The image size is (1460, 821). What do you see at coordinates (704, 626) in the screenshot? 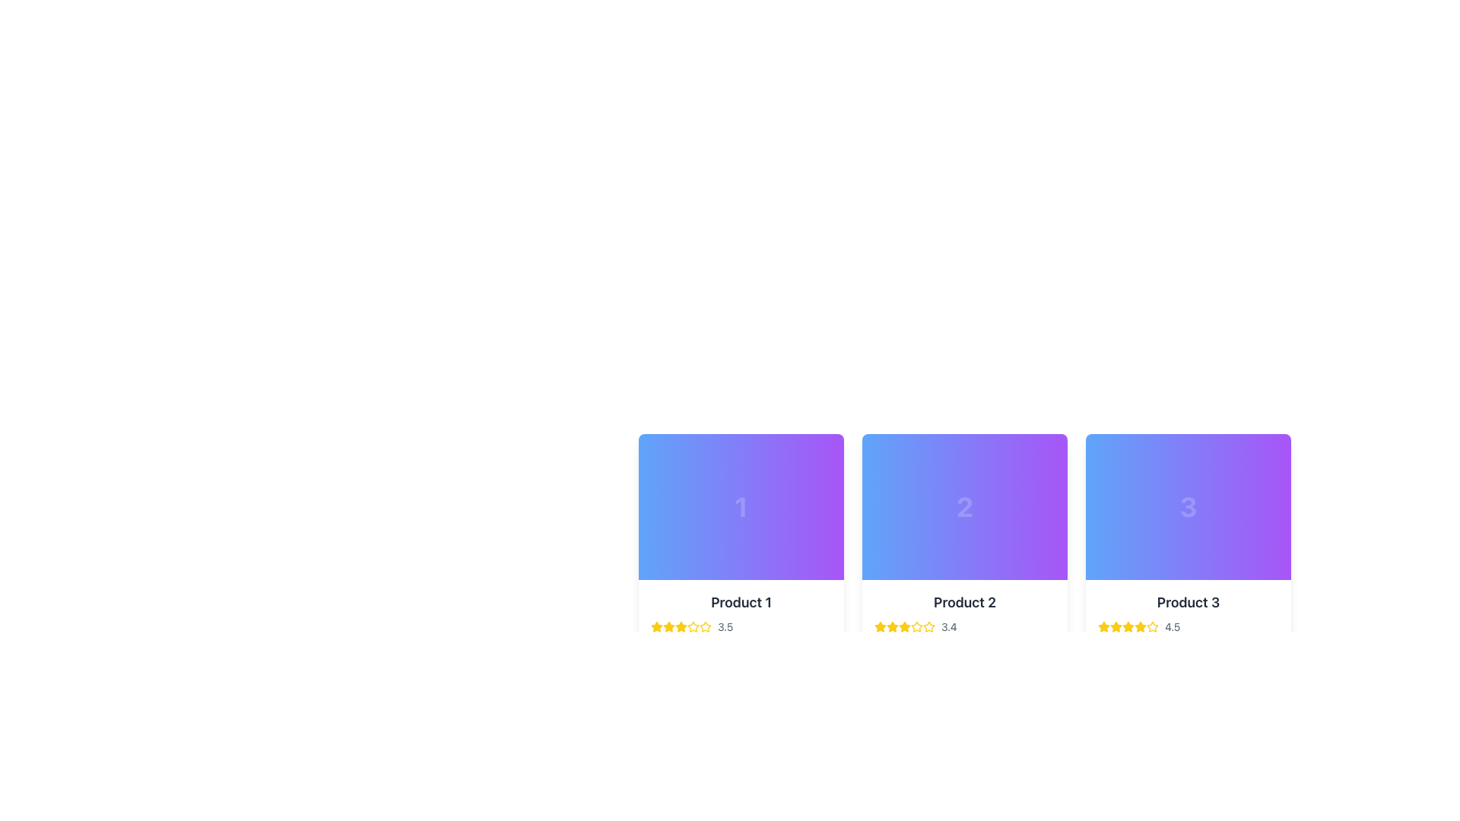
I see `the fourth star icon in the rating system for accessibility purposes. This star is yellow and part of a horizontal group of five stars located below the 'Product 1' card, aligning with the rating text '3.5'` at bounding box center [704, 626].